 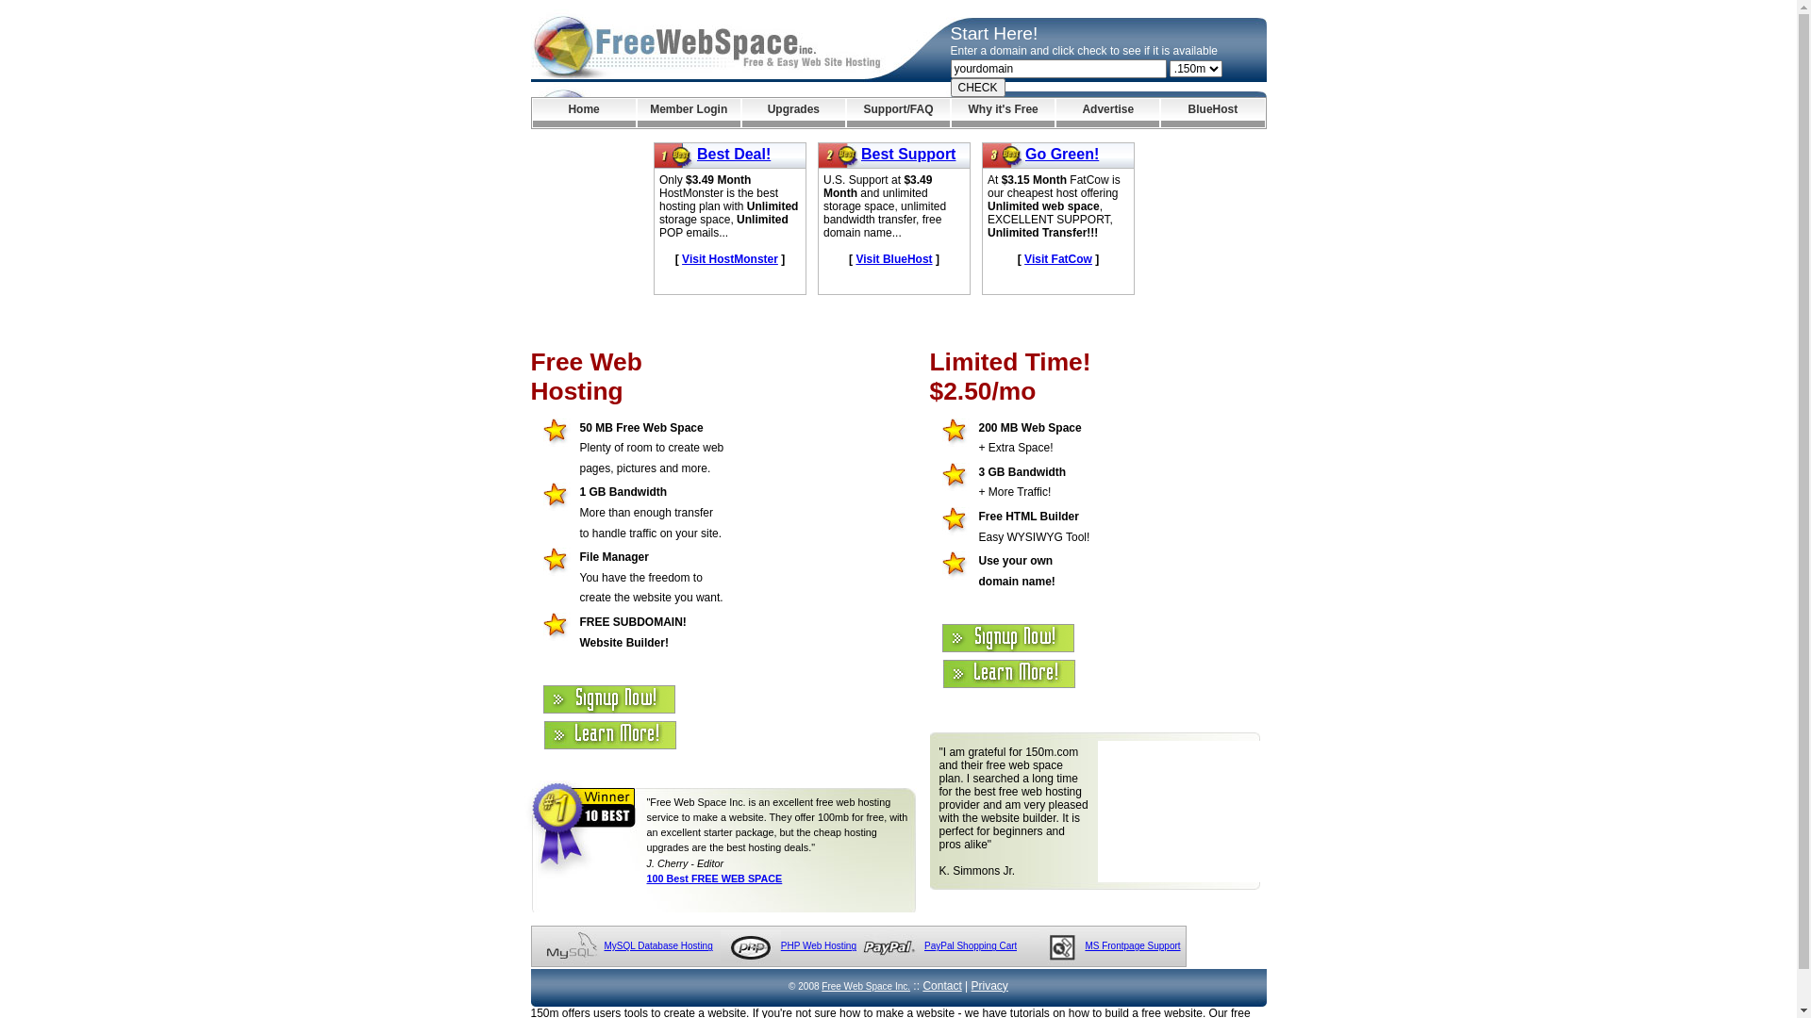 I want to click on 'Why it's Free', so click(x=1002, y=112).